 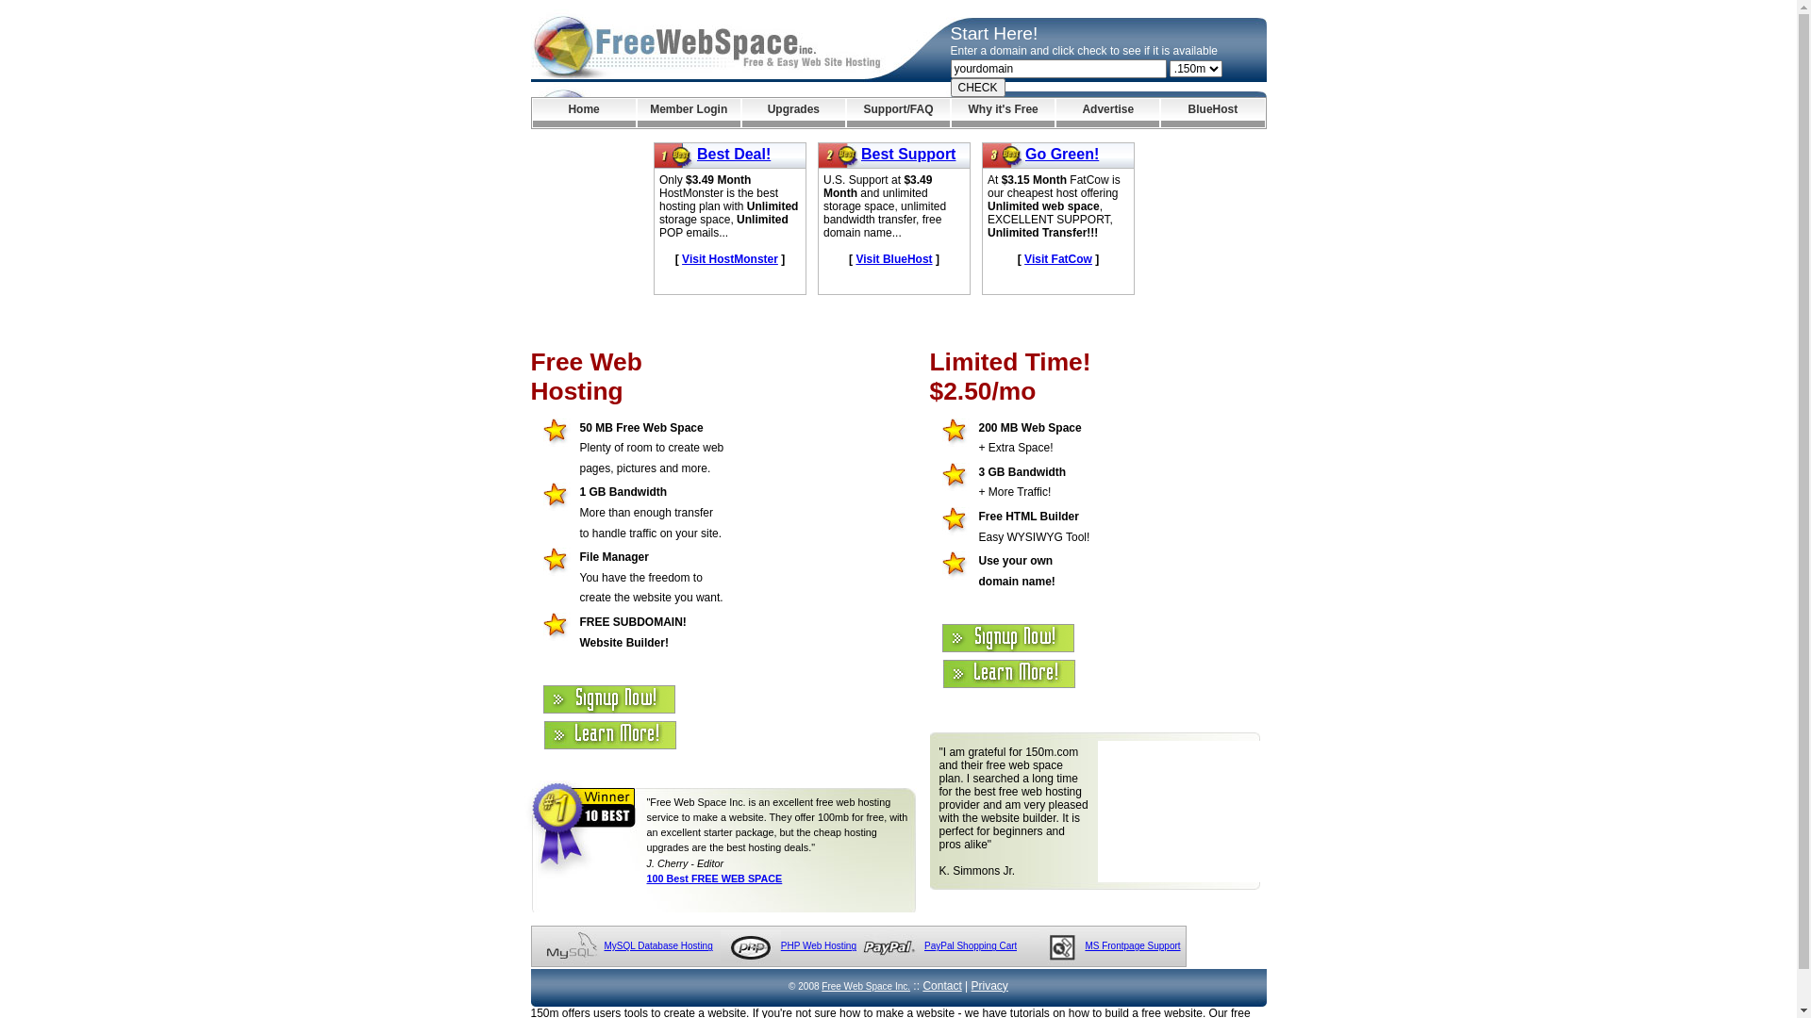 I want to click on 'Why it's Free', so click(x=1002, y=112).